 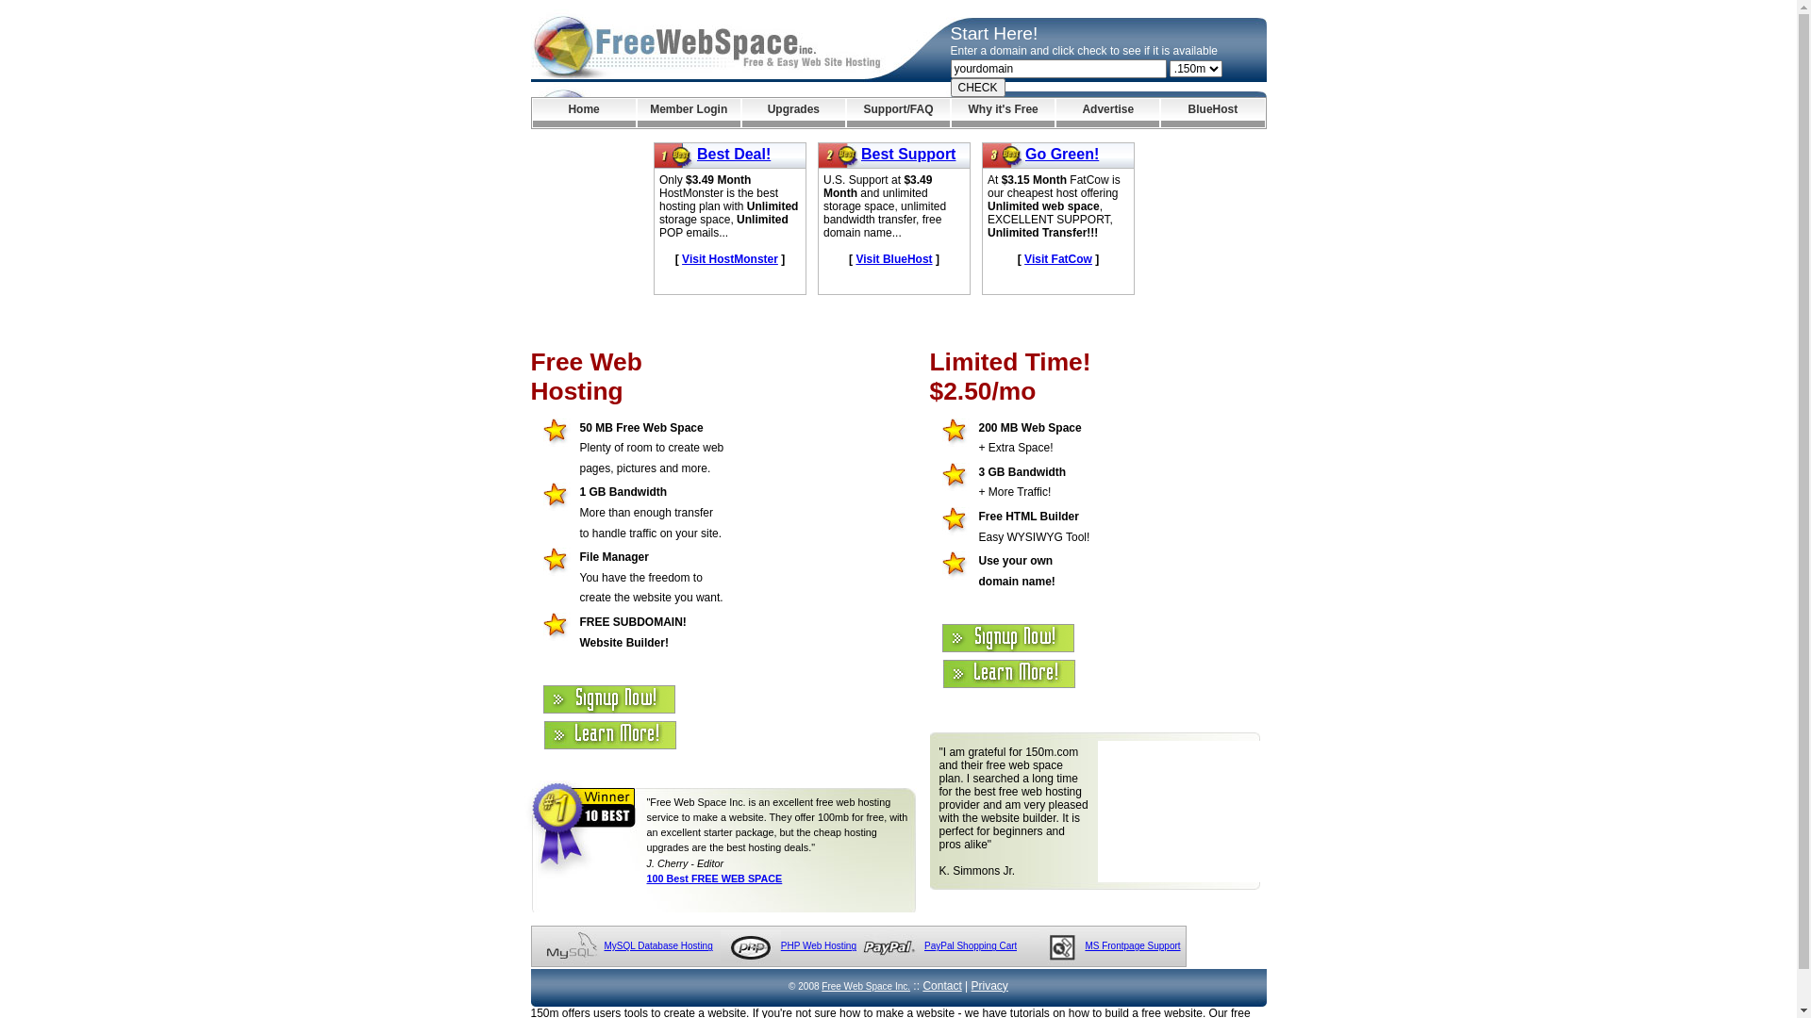 I want to click on 'Why it's Free', so click(x=1002, y=112).